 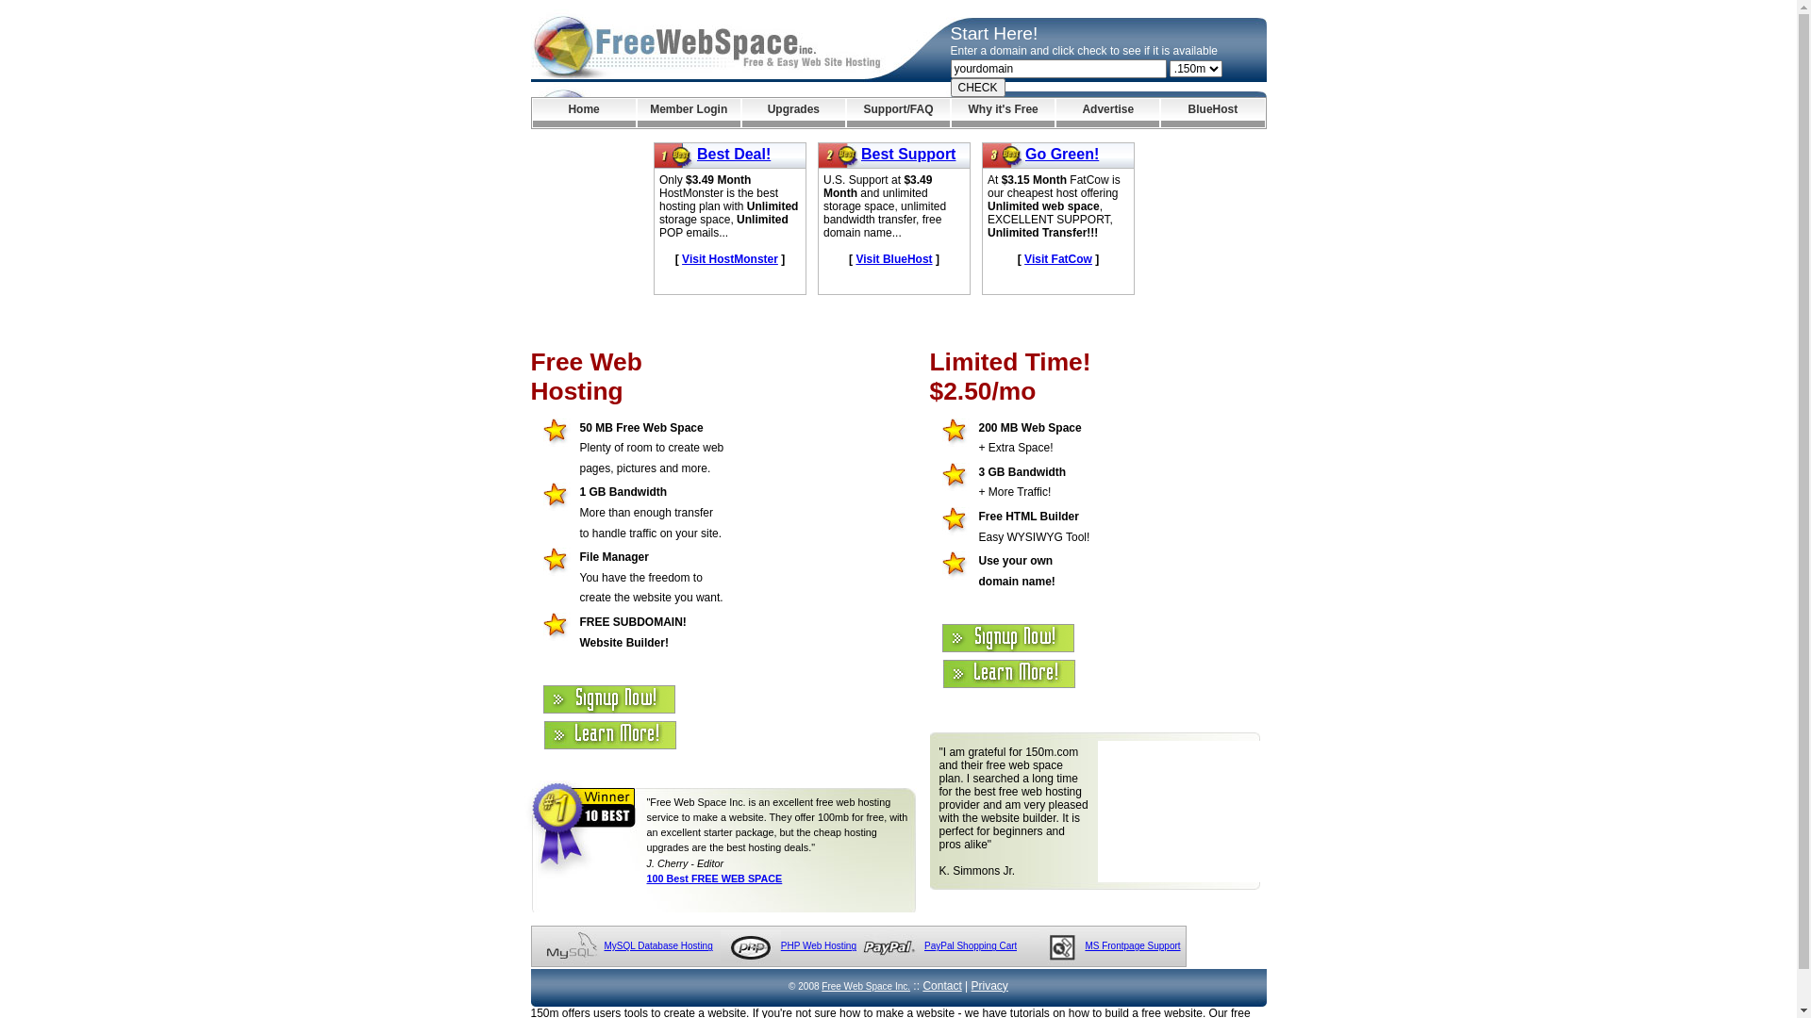 I want to click on 'Why it's Free', so click(x=1002, y=112).